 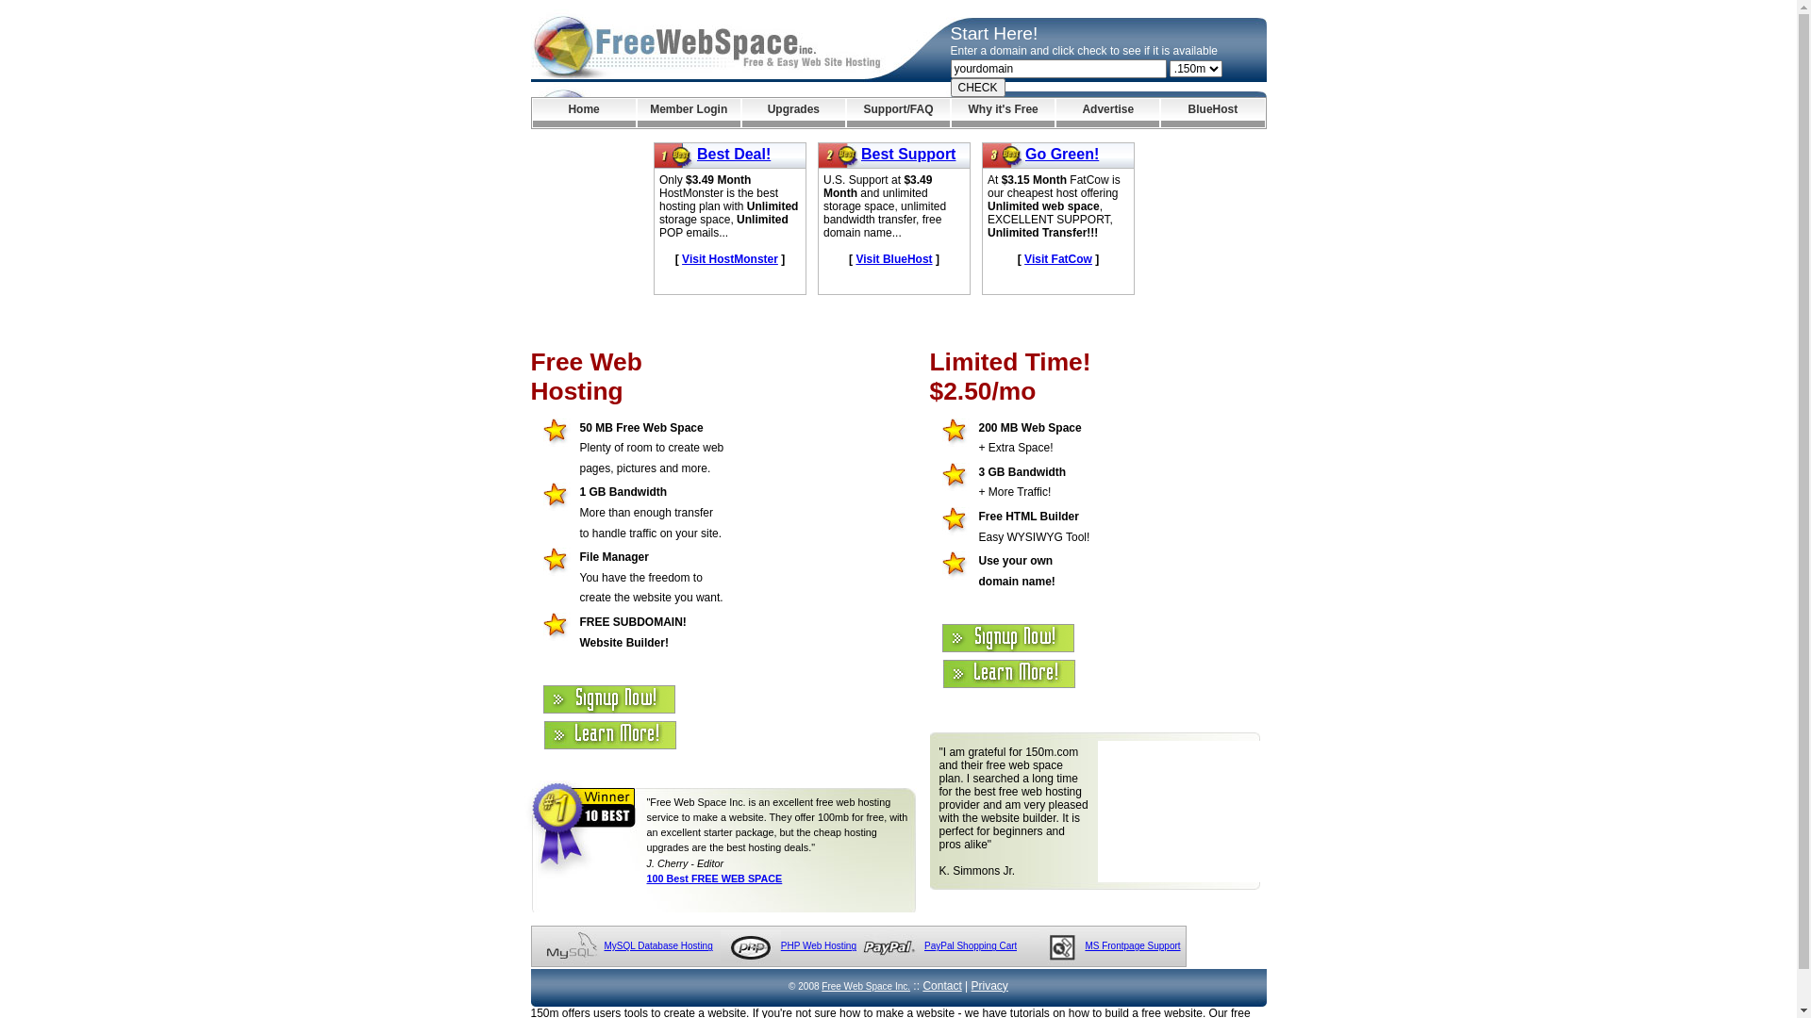 I want to click on 'Why it's Free', so click(x=1002, y=112).